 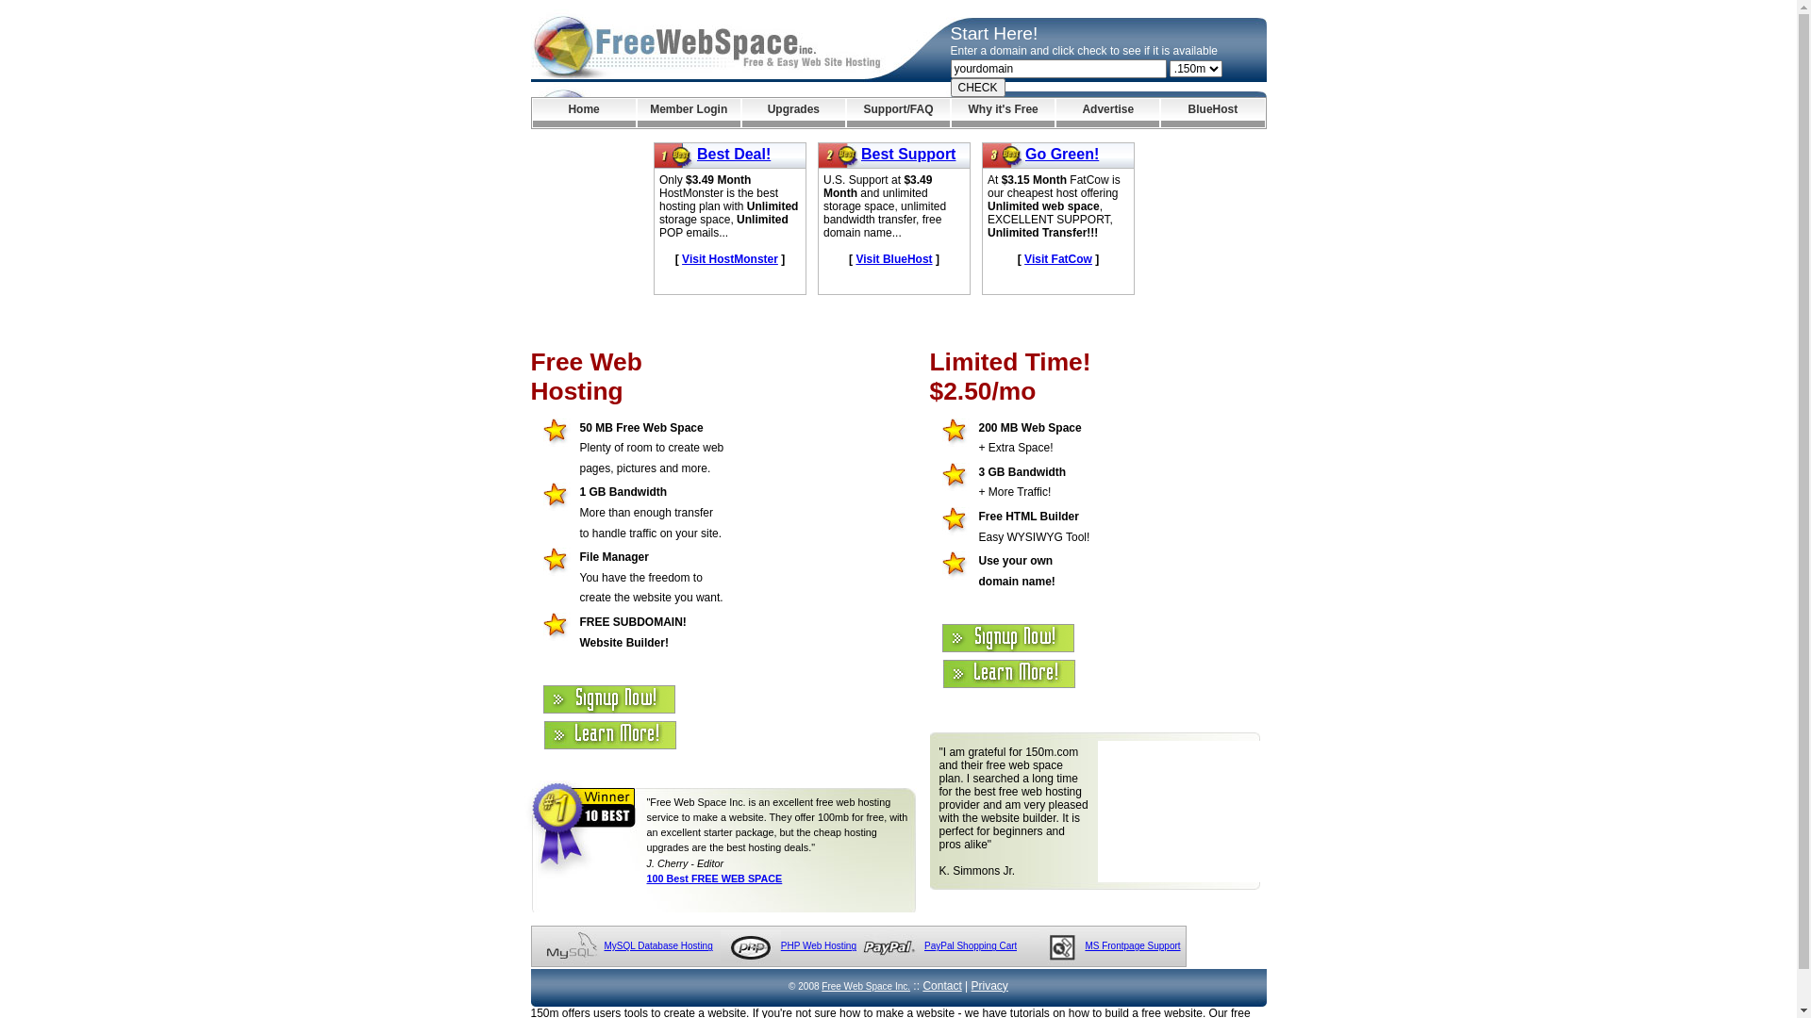 I want to click on 'Why it's Free', so click(x=1002, y=112).